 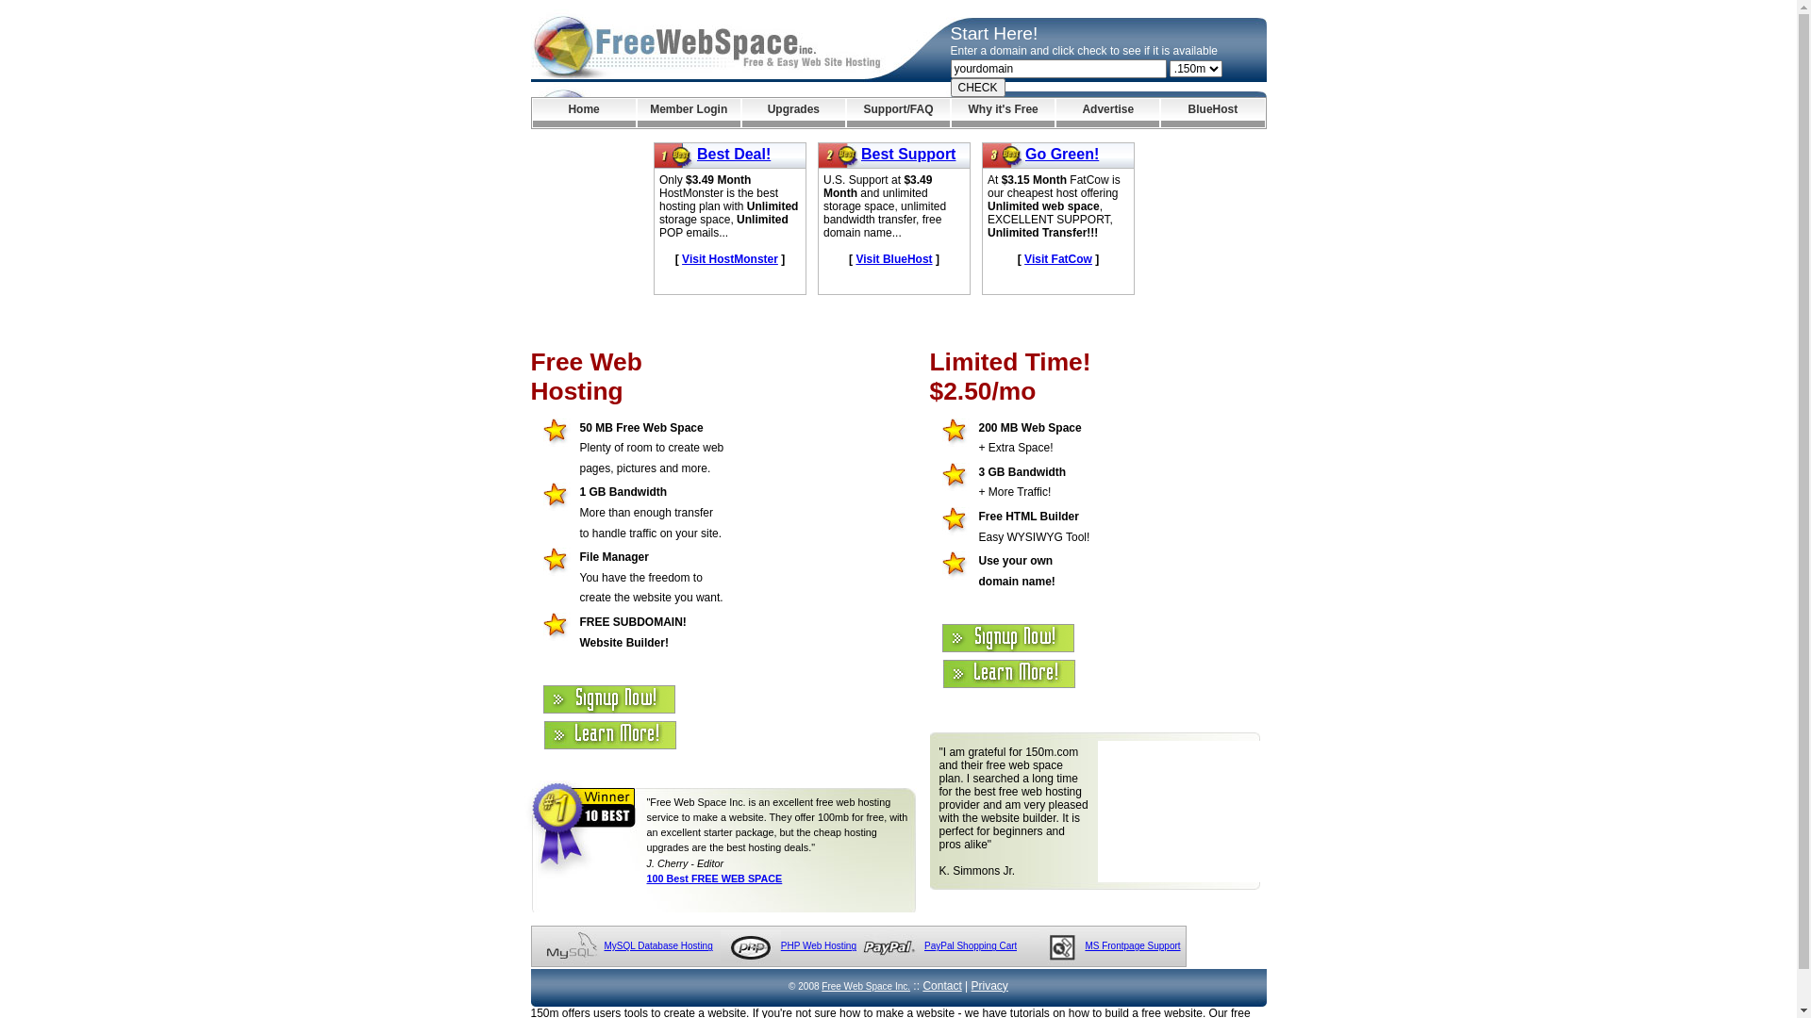 I want to click on 'Why it's Free', so click(x=1002, y=112).